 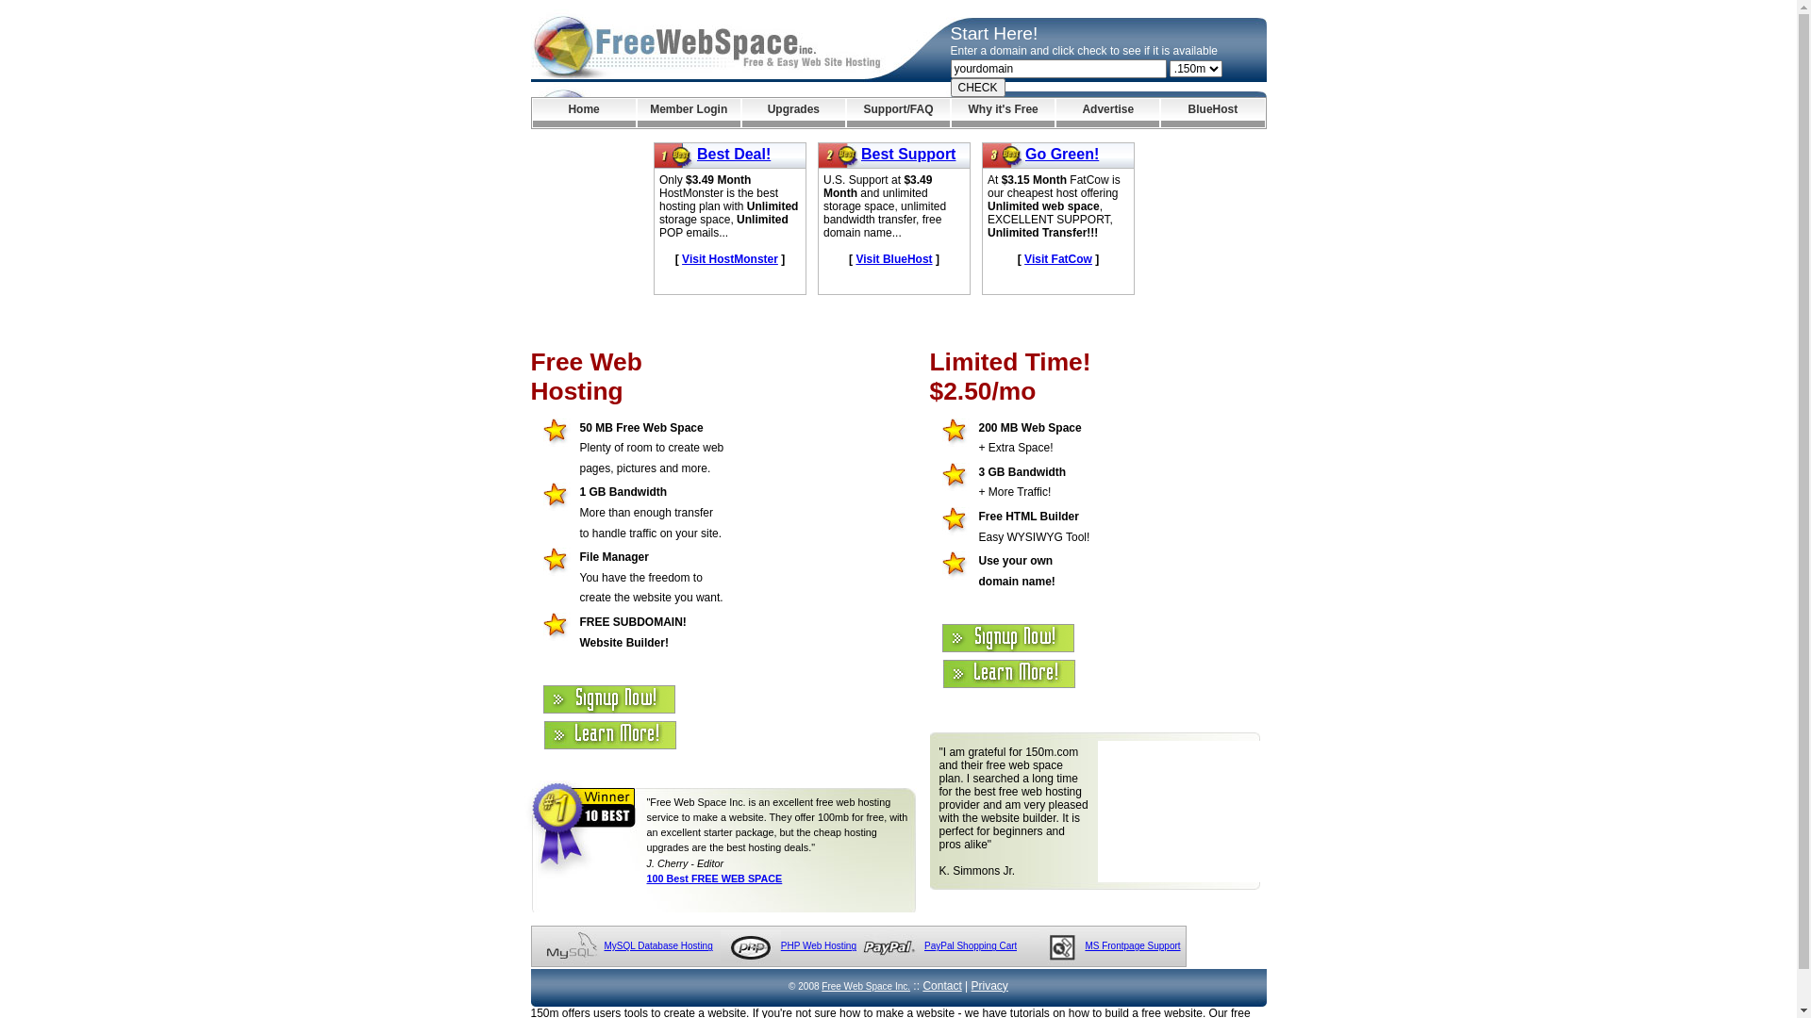 I want to click on 'Why it's Free', so click(x=1002, y=112).